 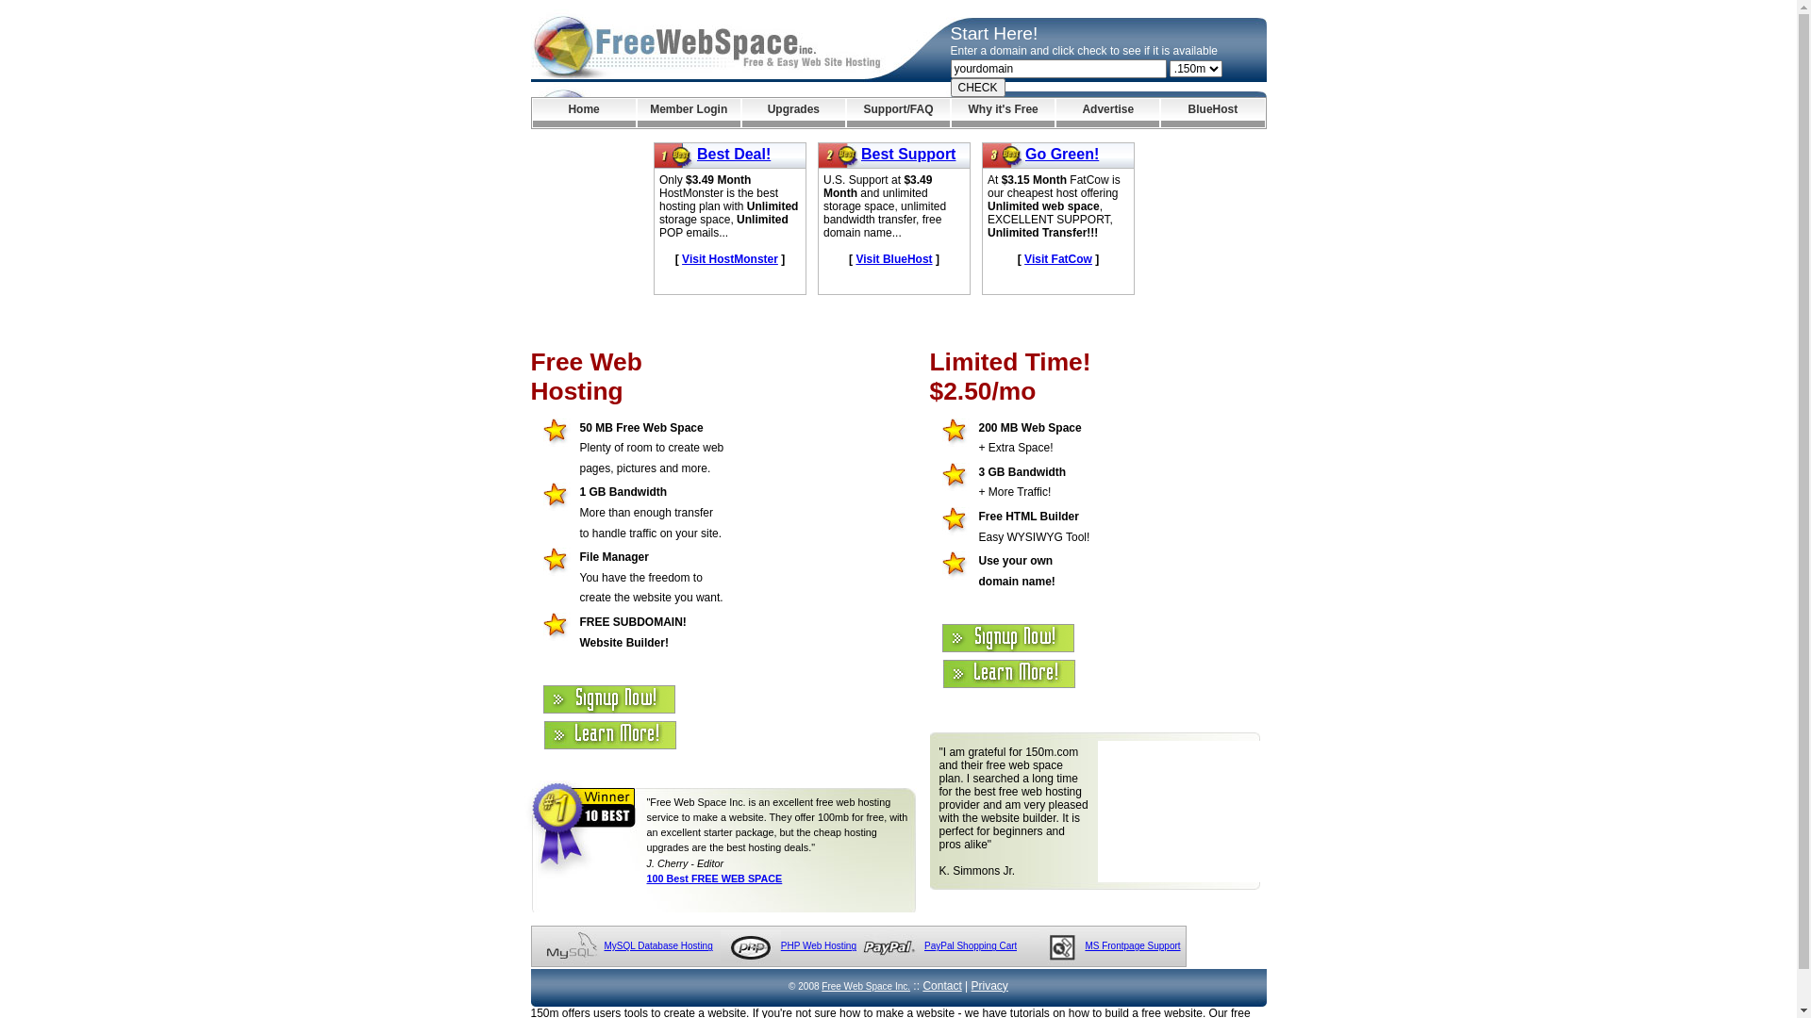 I want to click on 'Why it's Free', so click(x=1002, y=112).